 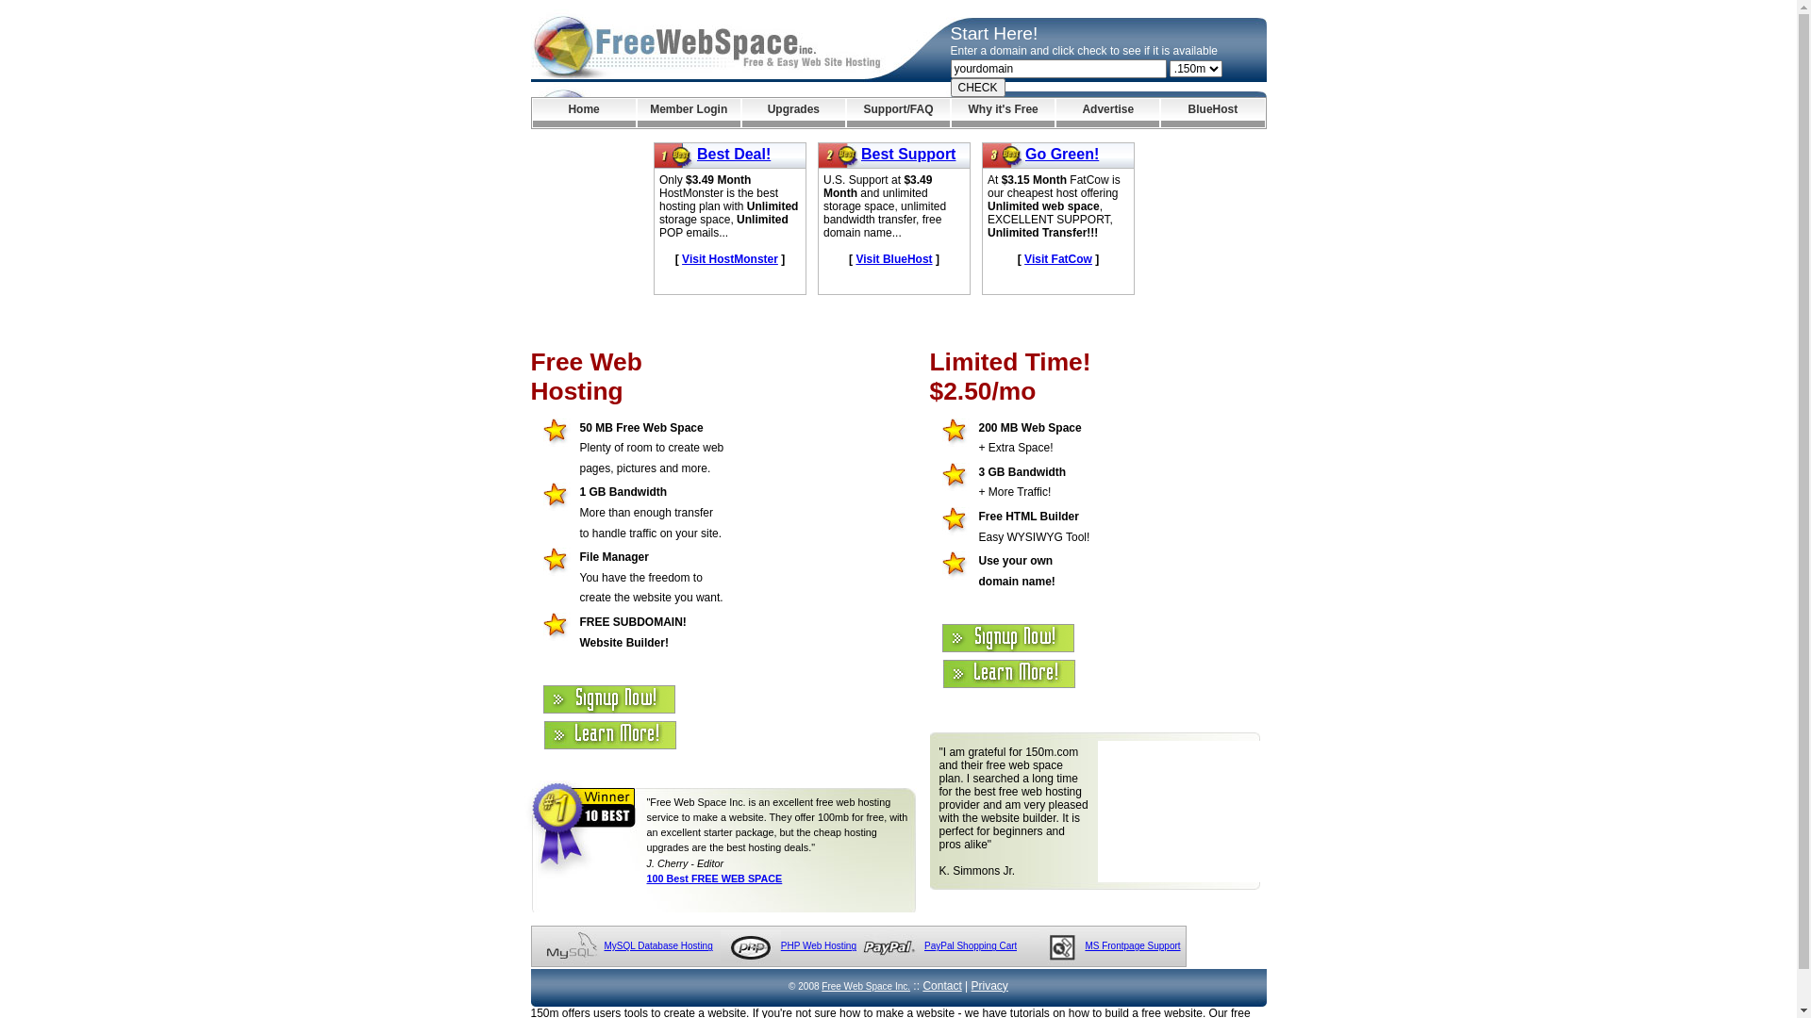 I want to click on 'Why it's Free', so click(x=1002, y=112).